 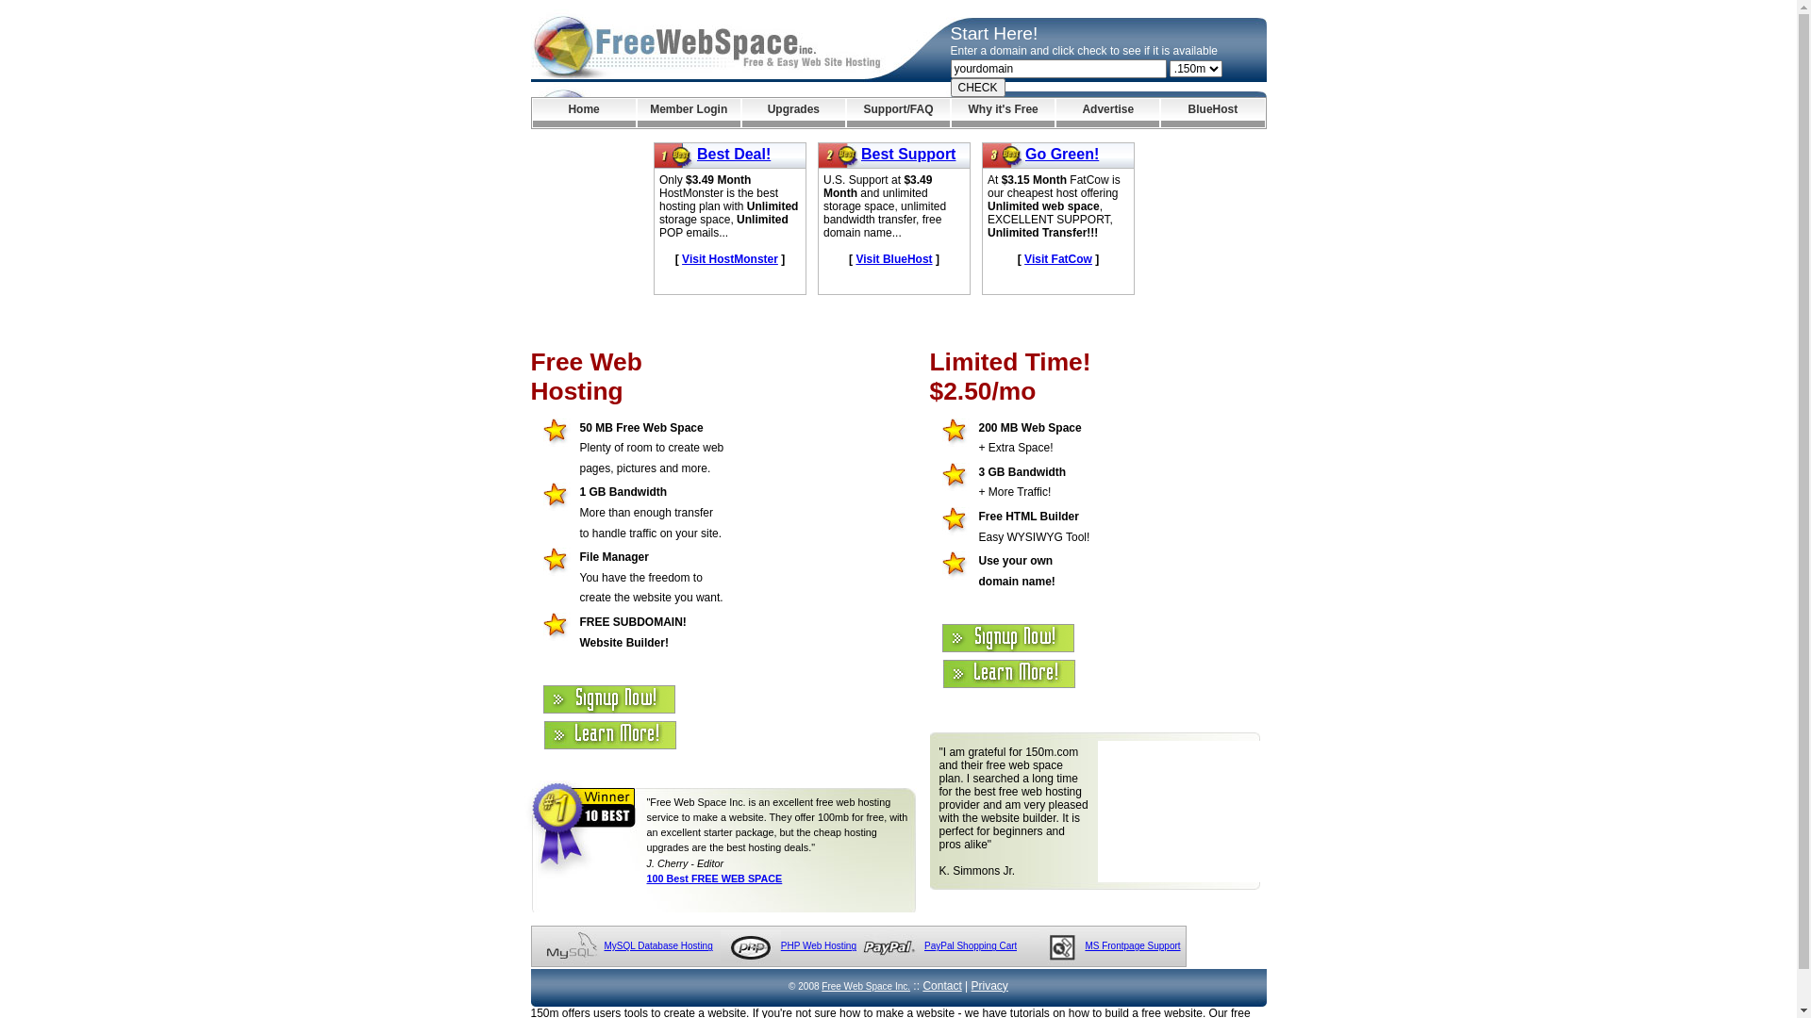 I want to click on 'Why it's Free', so click(x=1002, y=112).